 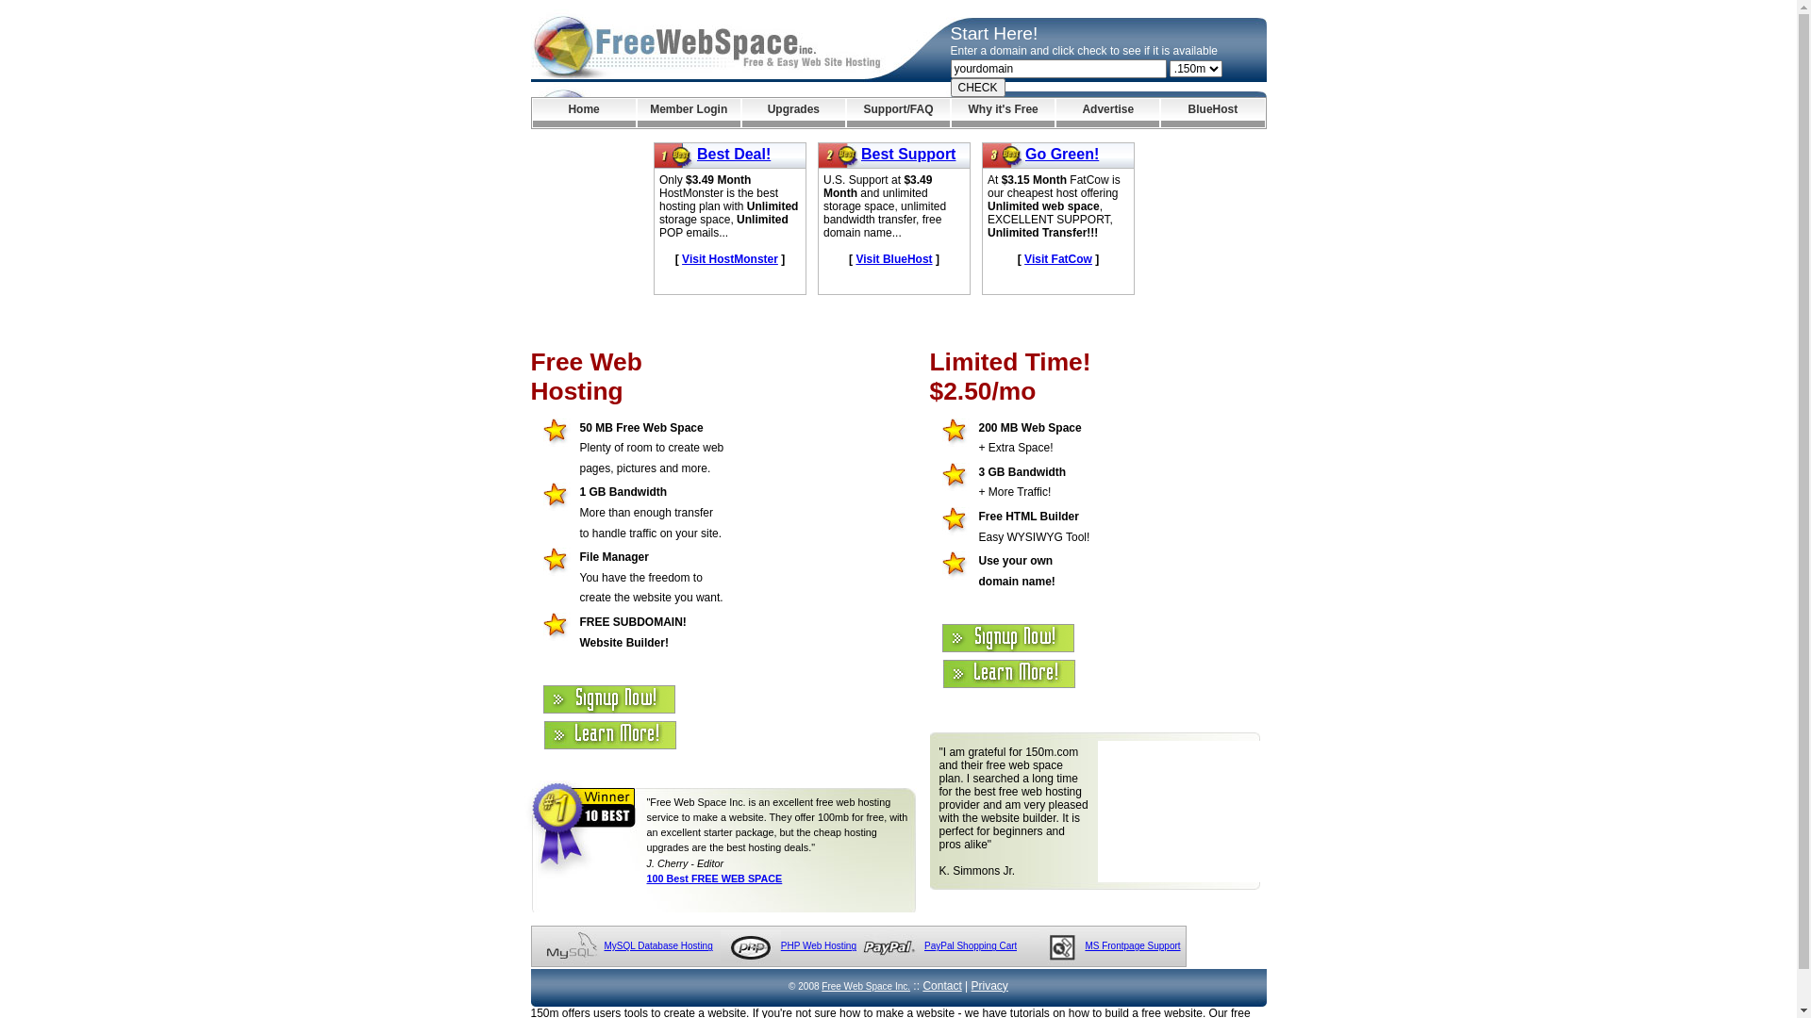 I want to click on 'Why it's Free', so click(x=1002, y=112).